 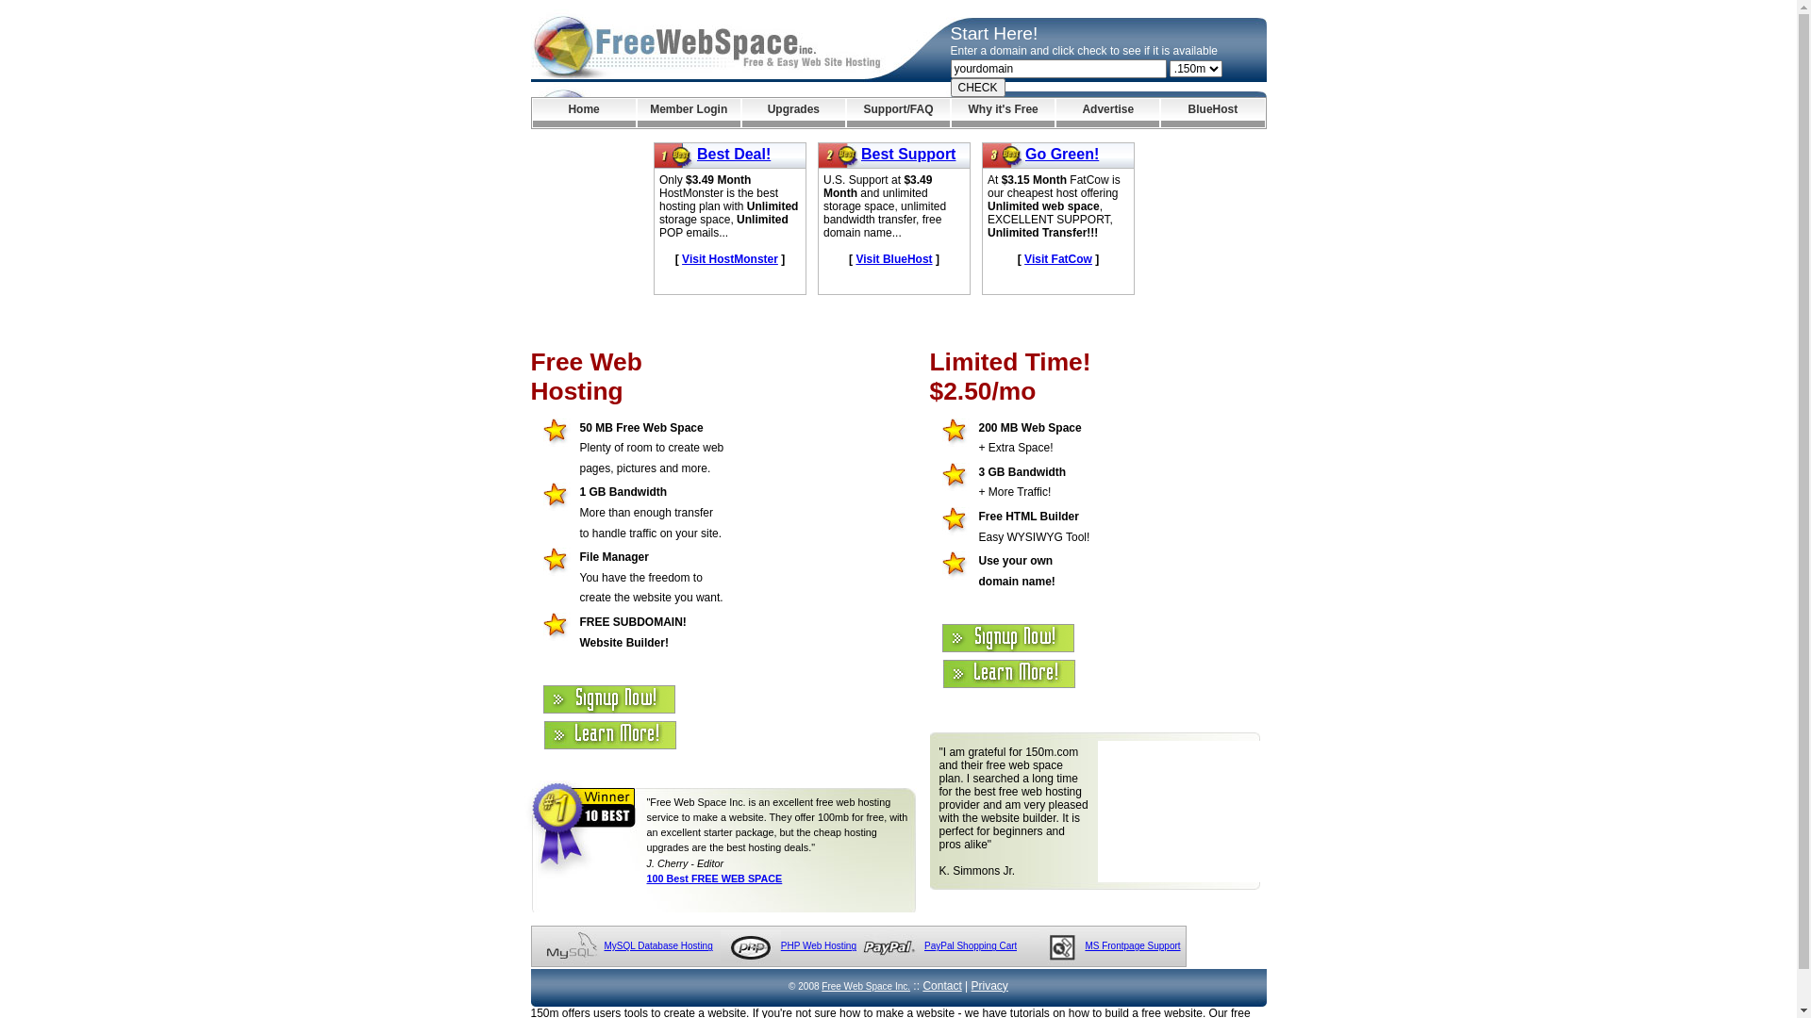 I want to click on 'Why it's Free', so click(x=1002, y=112).